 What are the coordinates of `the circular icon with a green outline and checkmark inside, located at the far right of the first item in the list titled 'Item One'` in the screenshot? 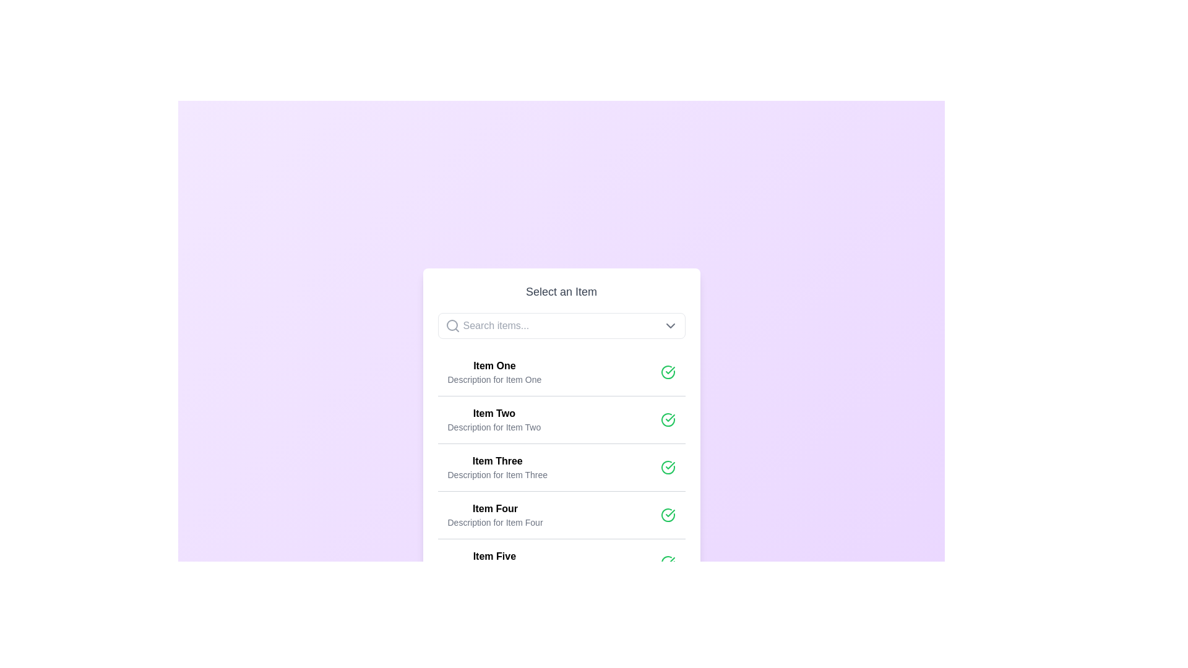 It's located at (667, 371).